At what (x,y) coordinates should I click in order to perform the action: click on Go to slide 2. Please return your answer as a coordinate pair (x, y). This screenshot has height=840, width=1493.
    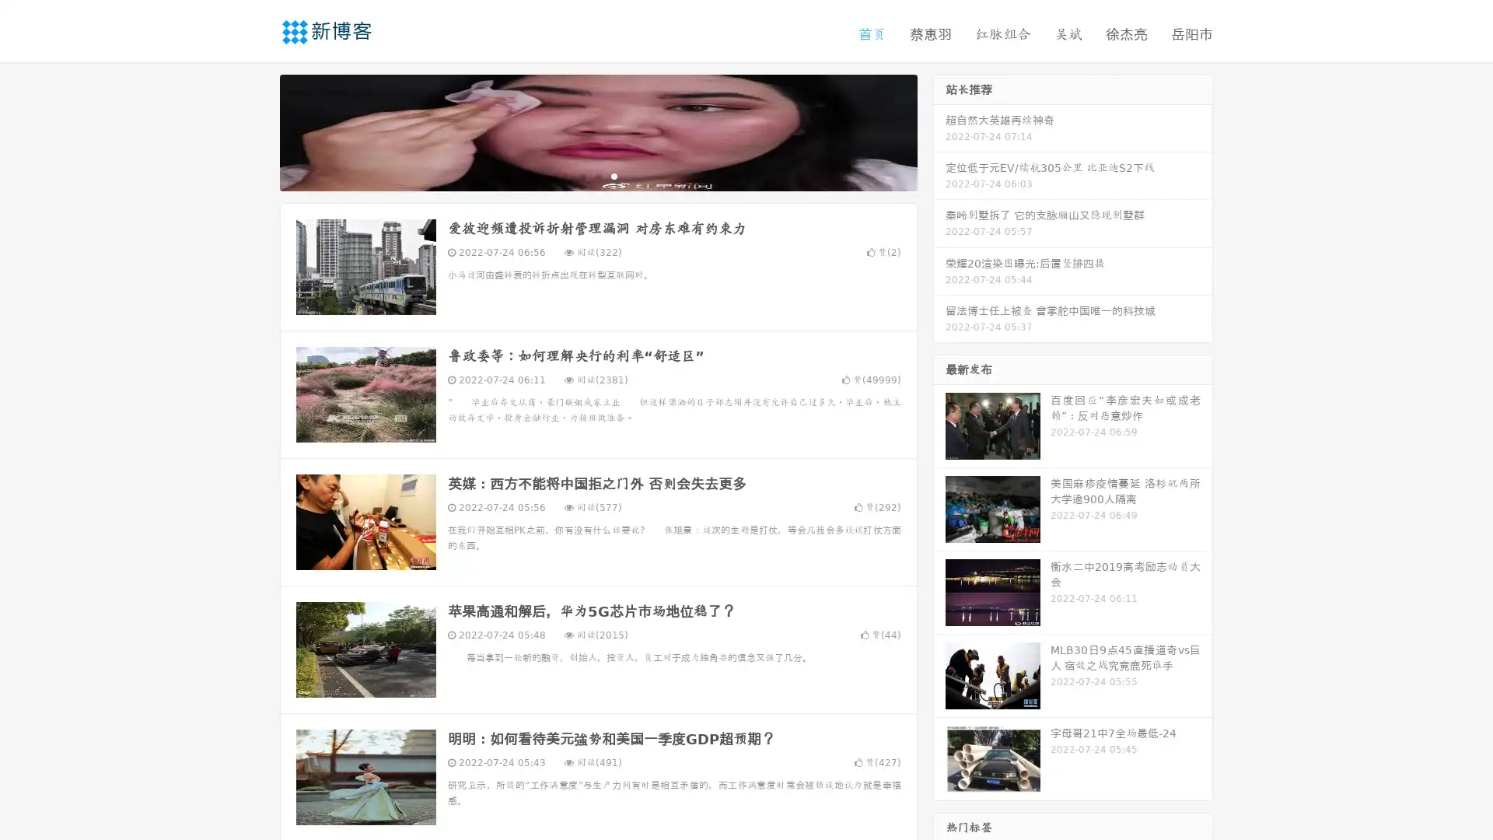
    Looking at the image, I should click on (597, 175).